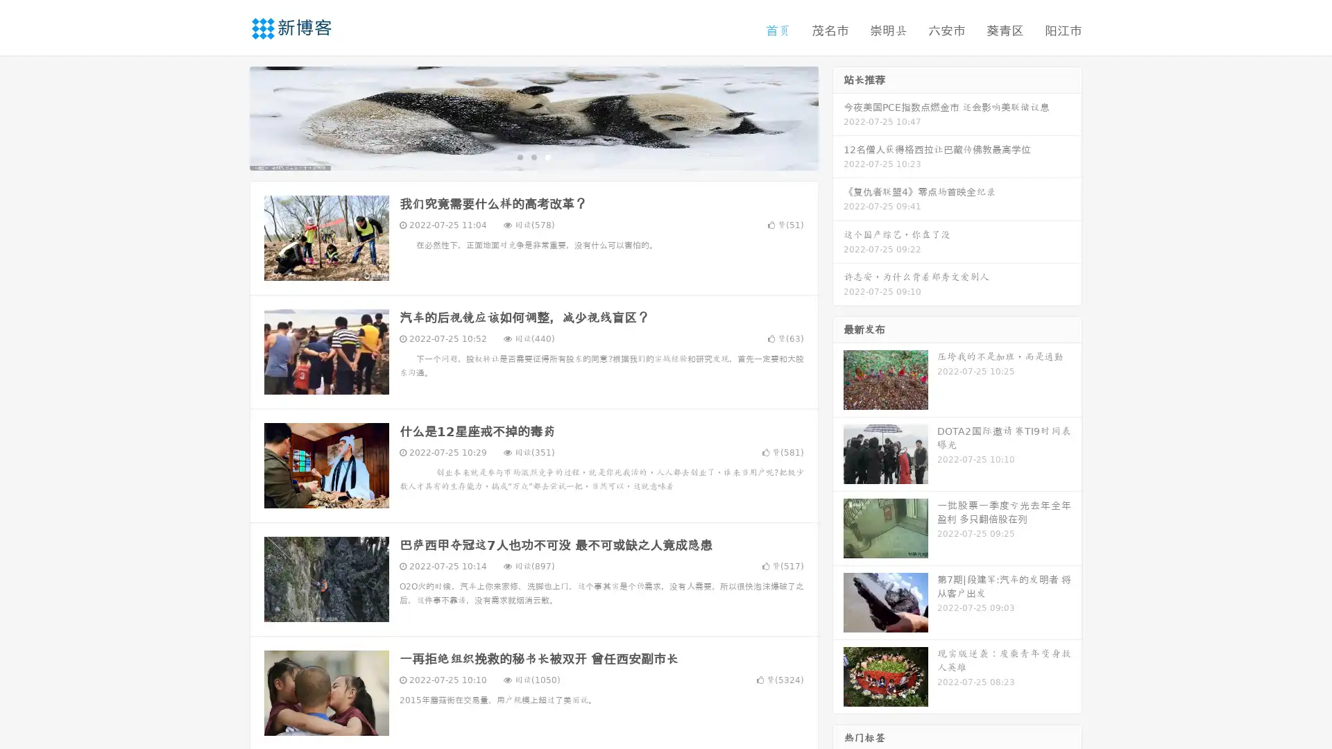  Describe the element at coordinates (519, 156) in the screenshot. I see `Go to slide 1` at that location.